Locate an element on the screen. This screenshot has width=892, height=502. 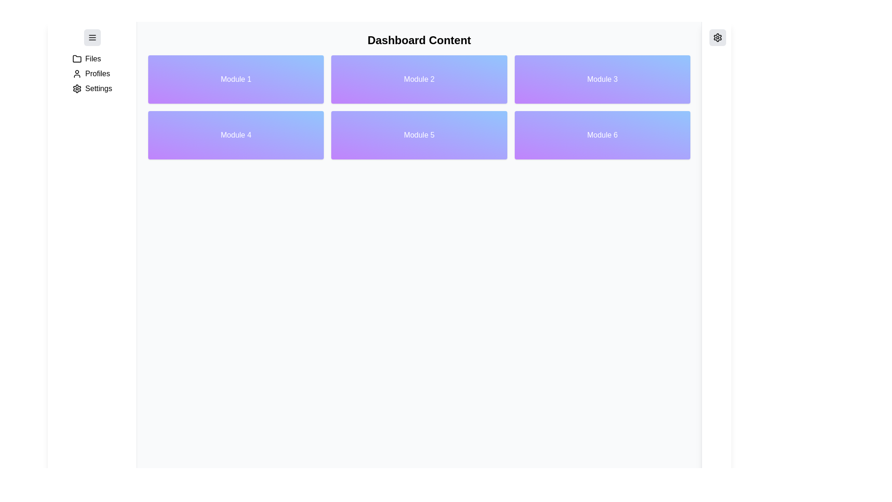
the 'Profiles' menu item, which is the second option in a vertical menu containing 'Files,' 'Profiles,' and 'Settings.' is located at coordinates (92, 73).